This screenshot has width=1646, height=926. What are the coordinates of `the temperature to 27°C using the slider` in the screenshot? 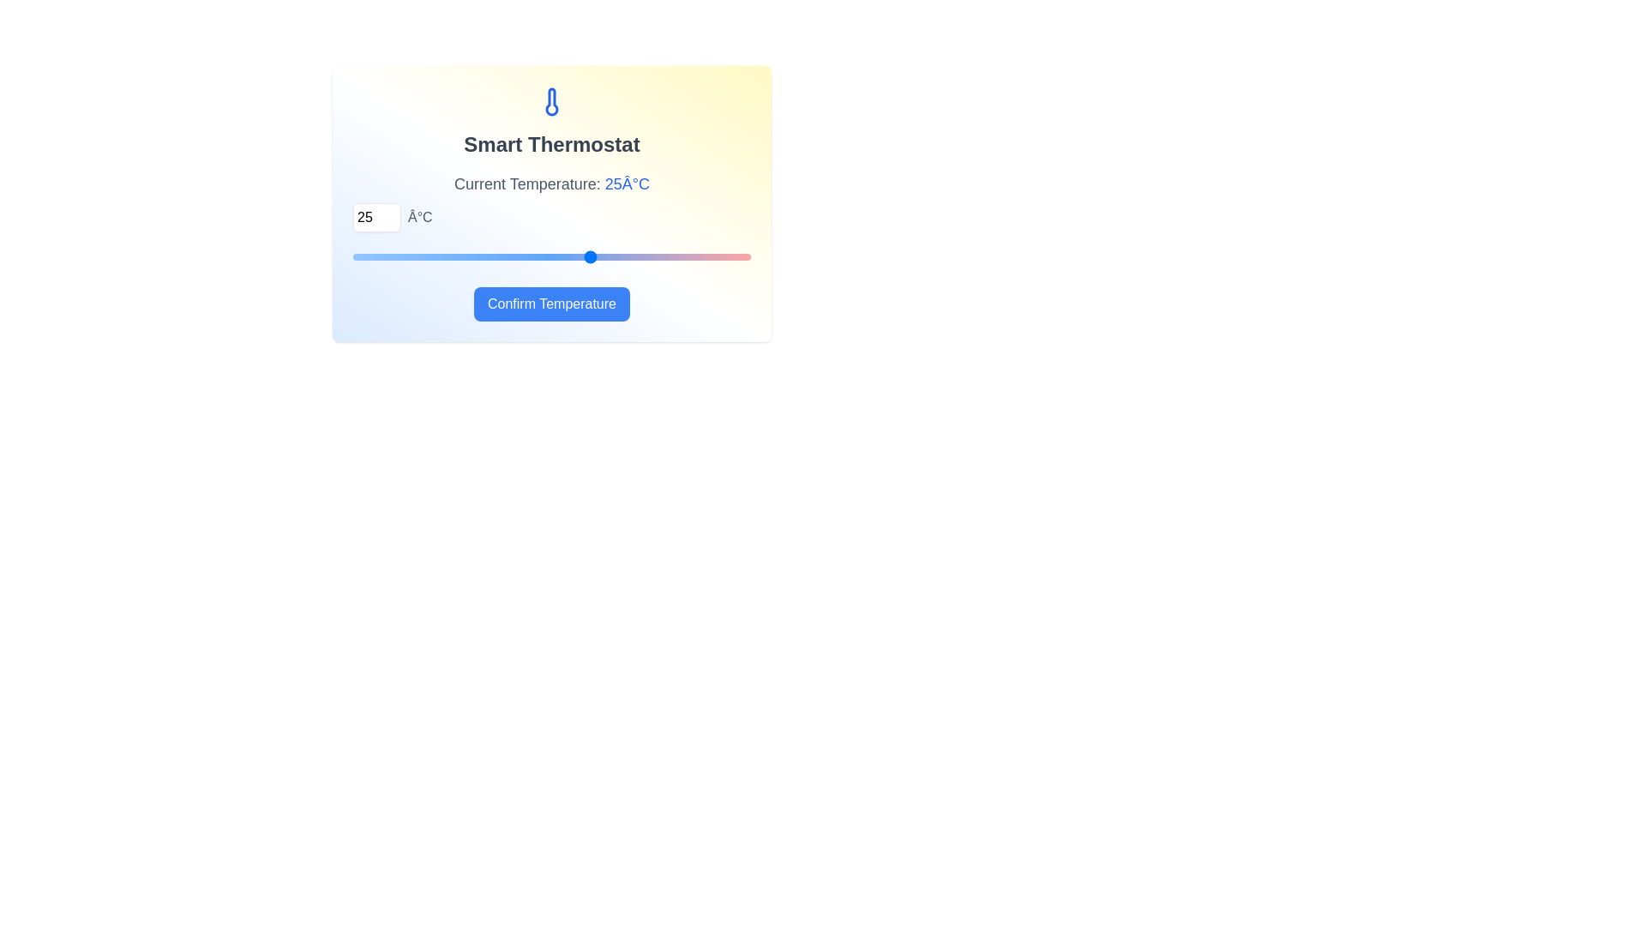 It's located at (622, 257).